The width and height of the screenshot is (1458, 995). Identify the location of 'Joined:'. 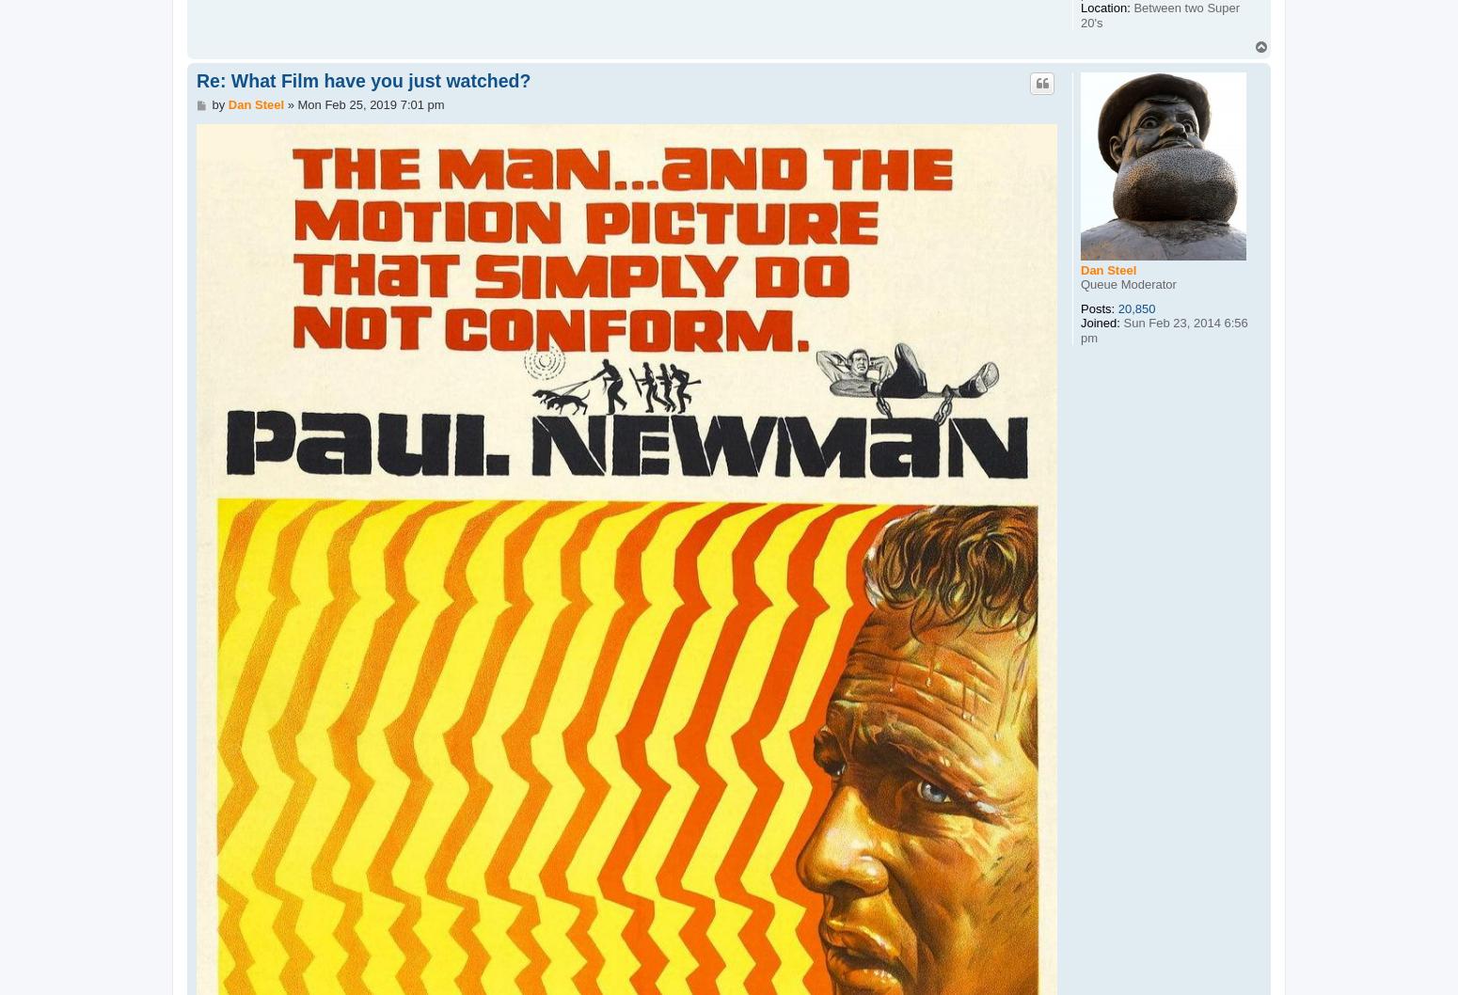
(1100, 322).